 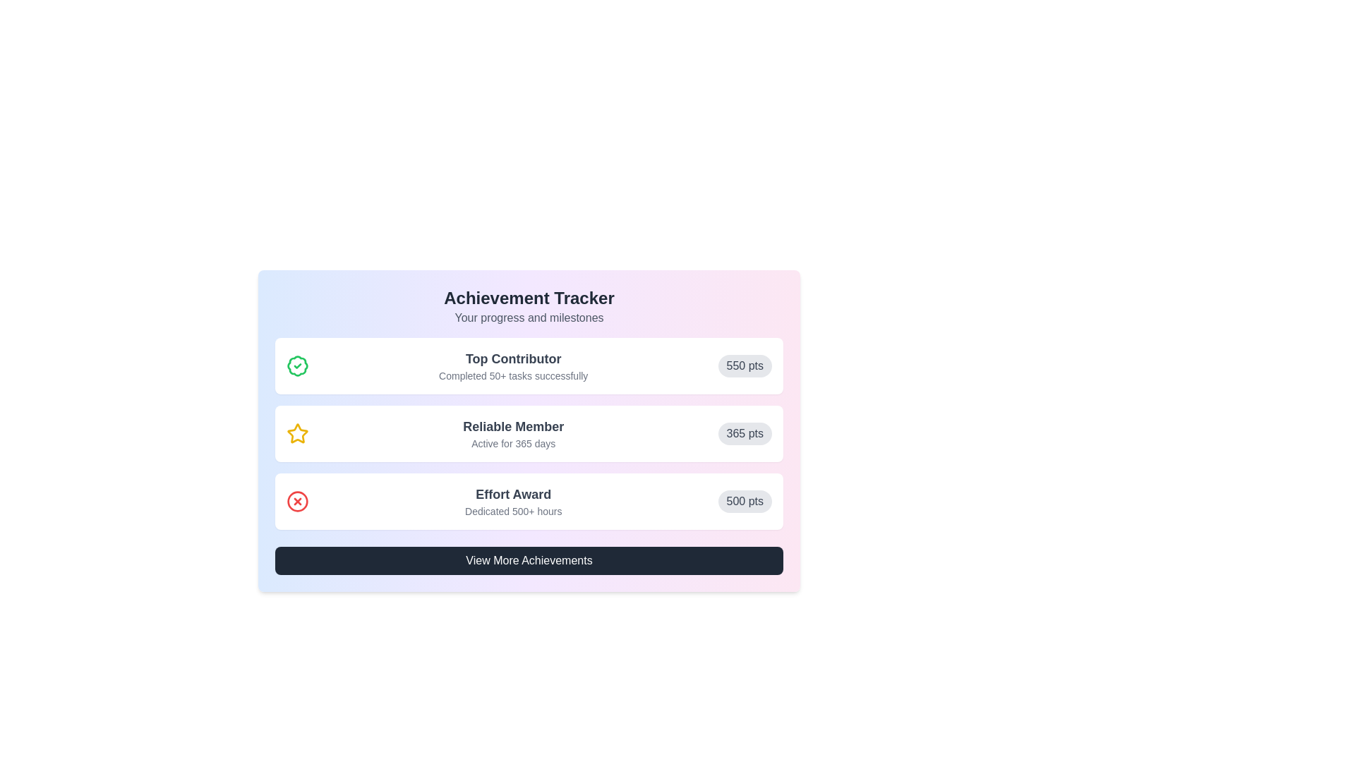 What do you see at coordinates (297, 433) in the screenshot?
I see `the star icon that signifies the 'Reliable Member' achievement, which is positioned above the text 'Reliable Member' and 'Active for 365 days'` at bounding box center [297, 433].